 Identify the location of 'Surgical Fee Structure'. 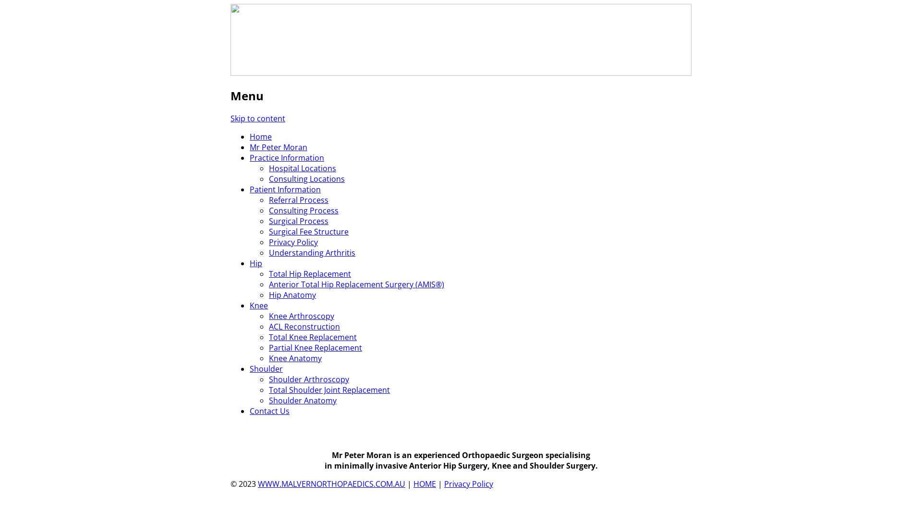
(309, 231).